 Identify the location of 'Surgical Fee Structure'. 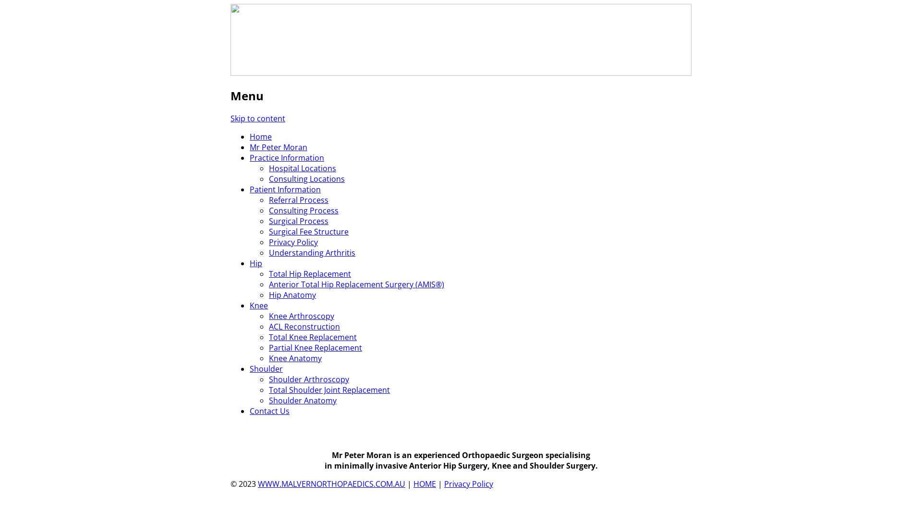
(309, 231).